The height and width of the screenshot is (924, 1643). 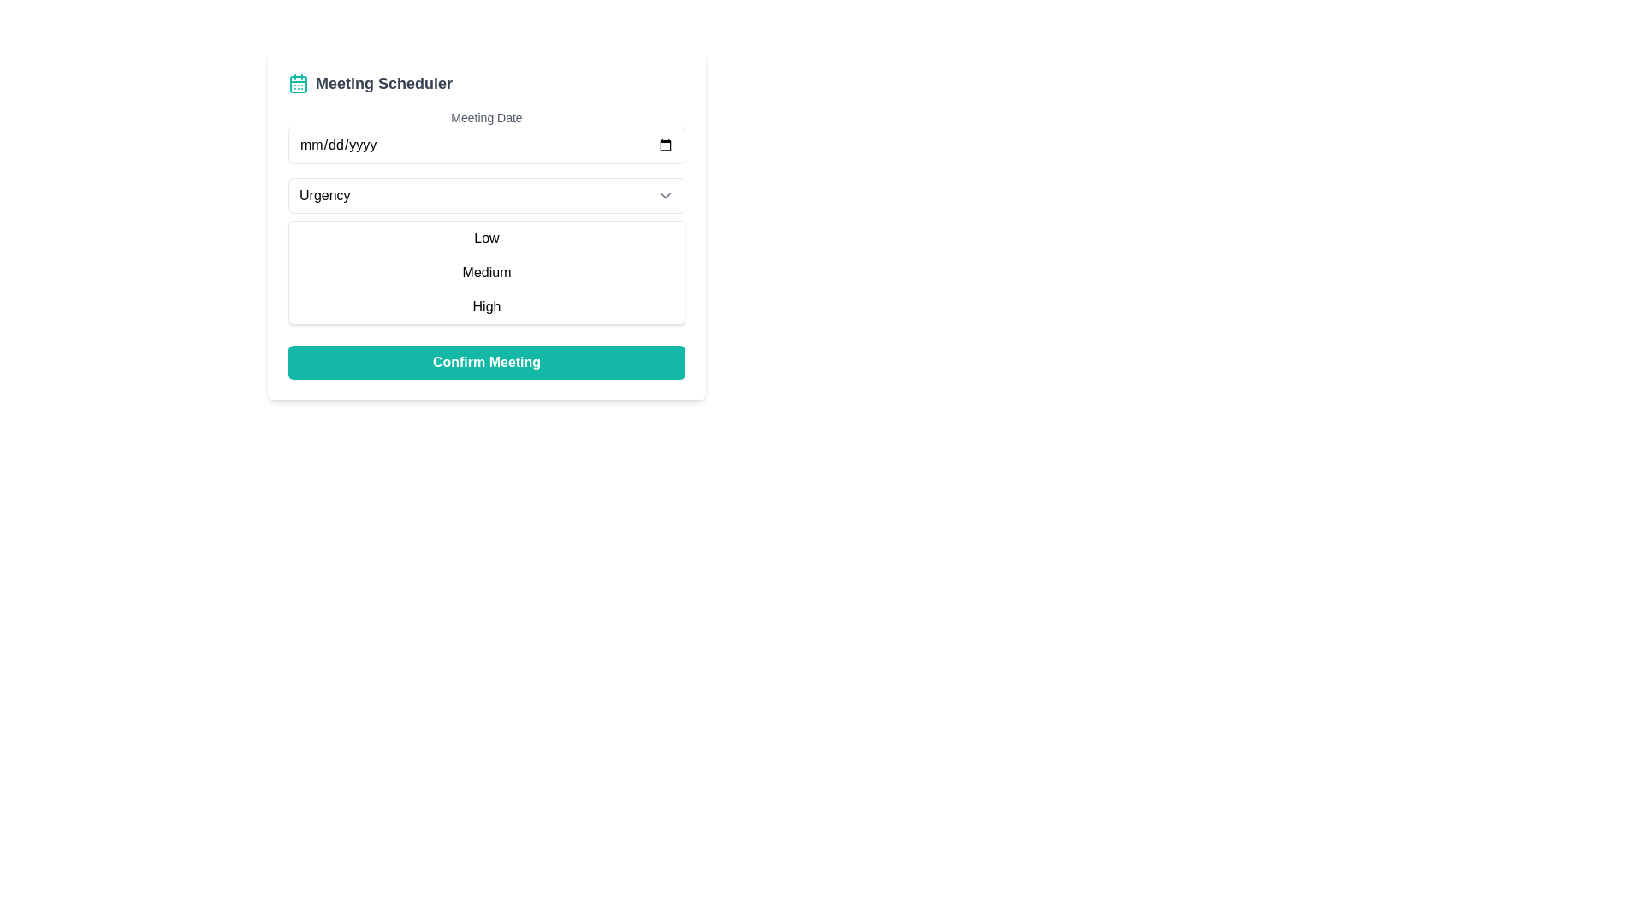 I want to click on the selectable list item labeled 'Low', so click(x=486, y=238).